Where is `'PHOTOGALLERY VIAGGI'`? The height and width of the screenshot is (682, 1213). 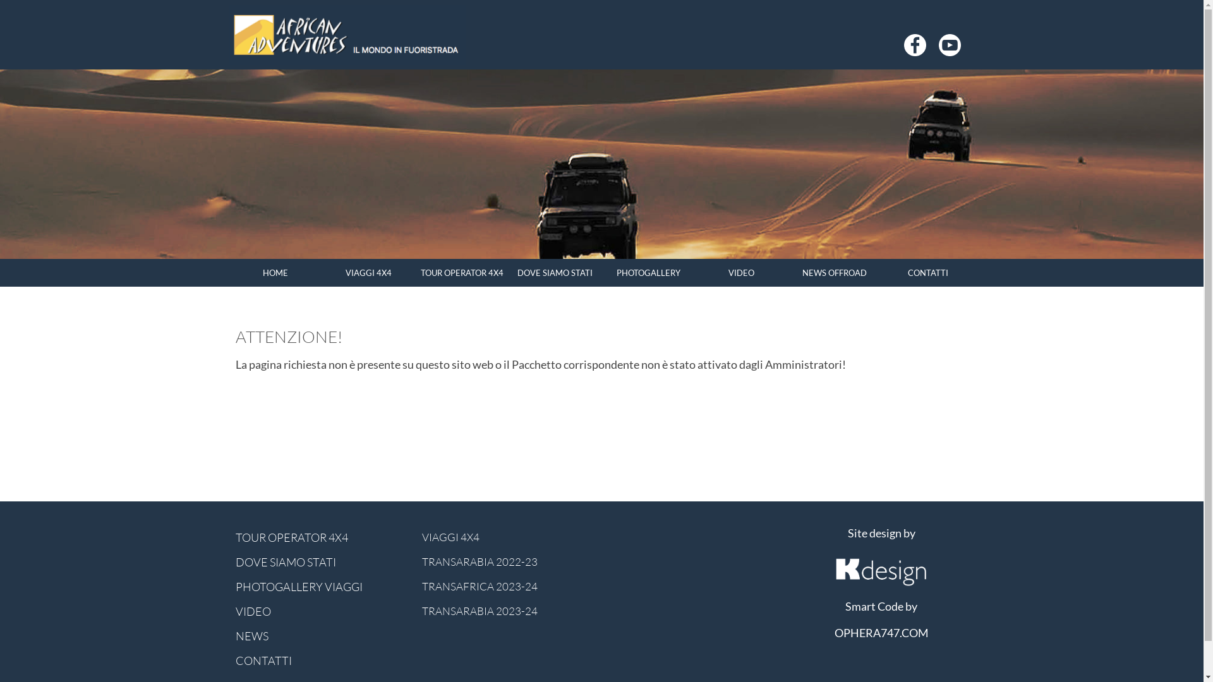
'PHOTOGALLERY VIAGGI' is located at coordinates (322, 587).